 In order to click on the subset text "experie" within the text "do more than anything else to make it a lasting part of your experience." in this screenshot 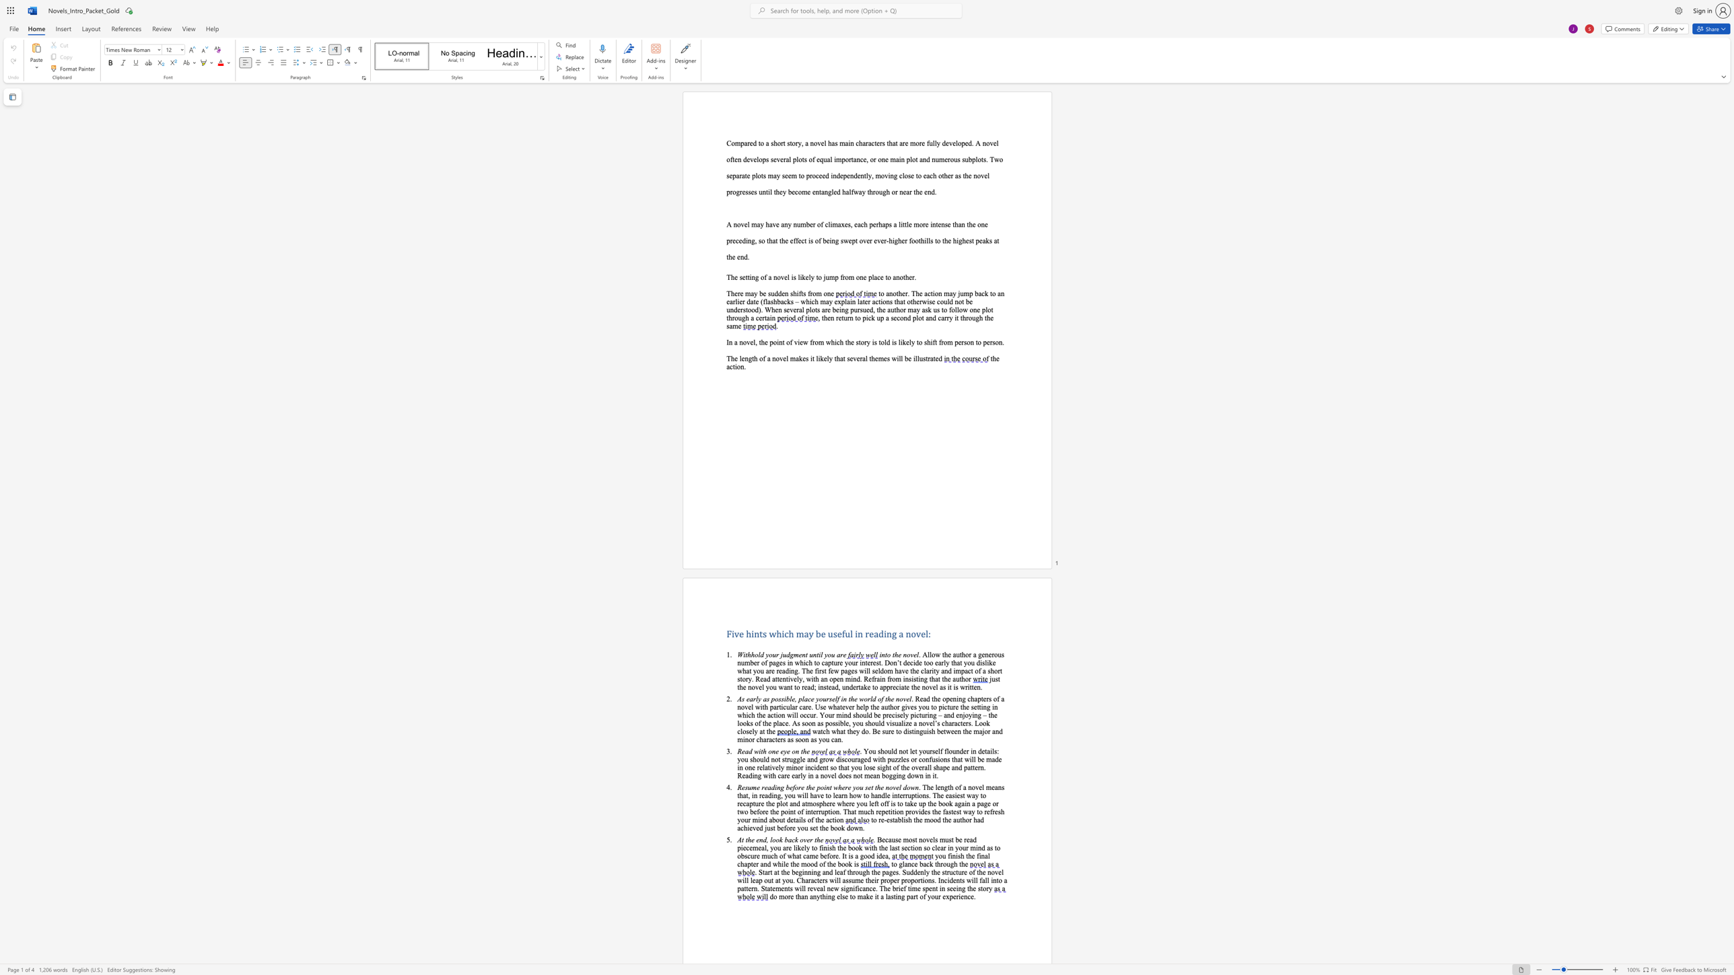, I will do `click(942, 896)`.